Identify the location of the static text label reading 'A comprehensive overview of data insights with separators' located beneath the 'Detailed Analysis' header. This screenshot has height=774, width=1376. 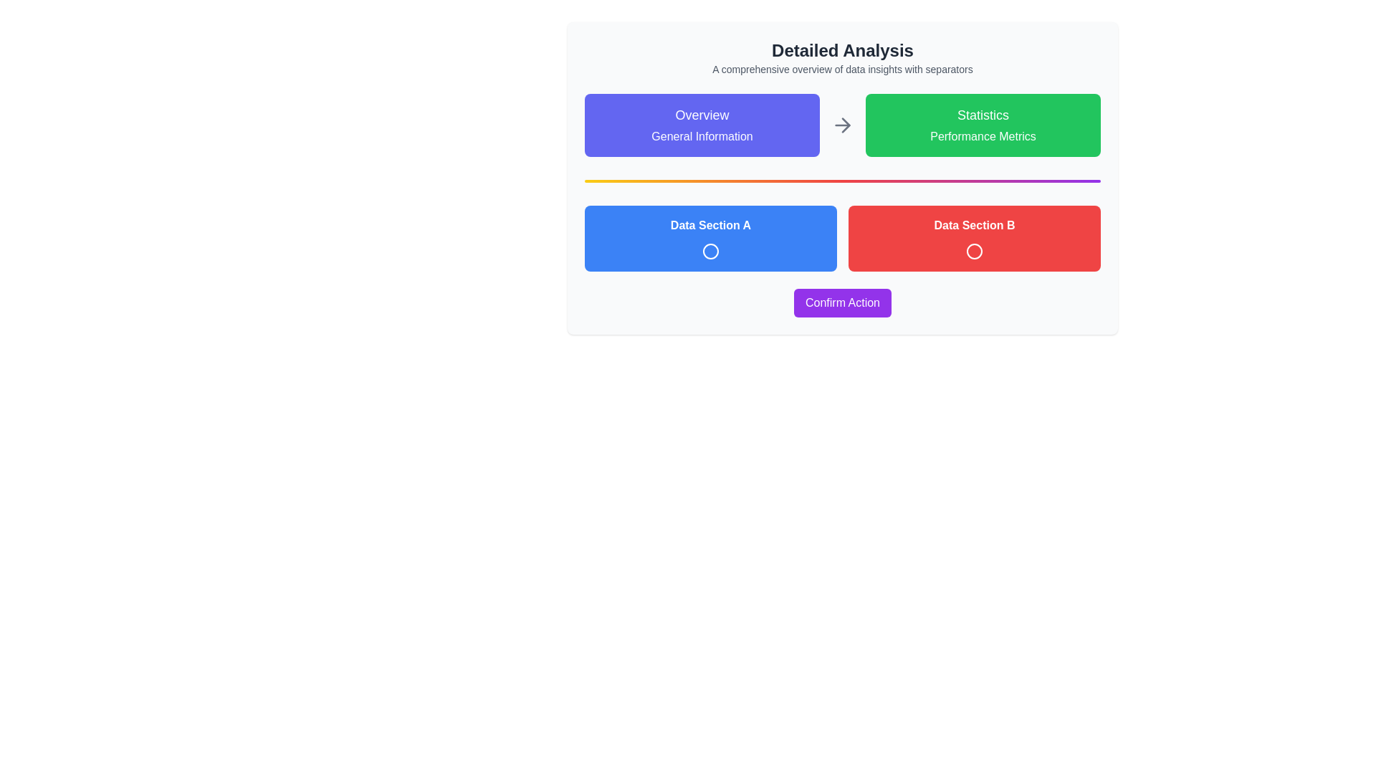
(843, 69).